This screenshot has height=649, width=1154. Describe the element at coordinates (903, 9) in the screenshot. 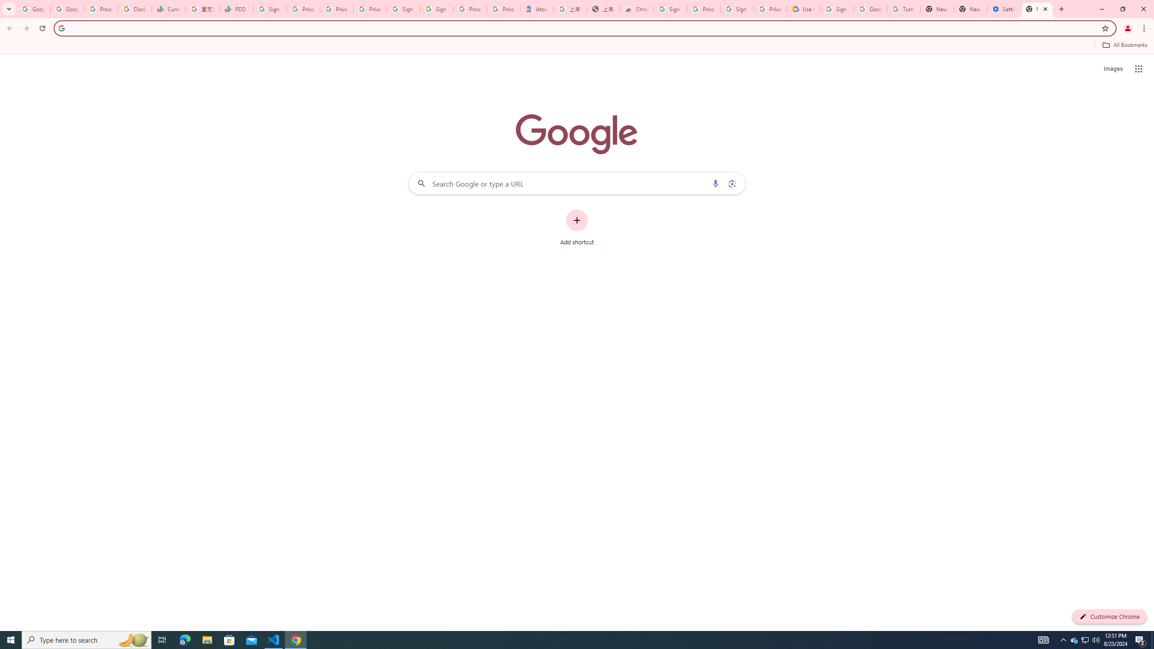

I see `'Turn cookies on or off - Computer - Google Account Help'` at that location.